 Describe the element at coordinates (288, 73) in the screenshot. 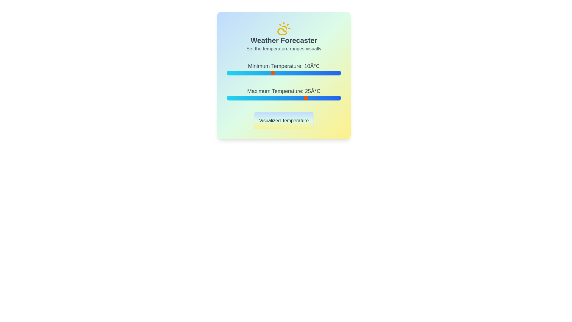

I see `the minimum temperature slider to 17°C` at that location.